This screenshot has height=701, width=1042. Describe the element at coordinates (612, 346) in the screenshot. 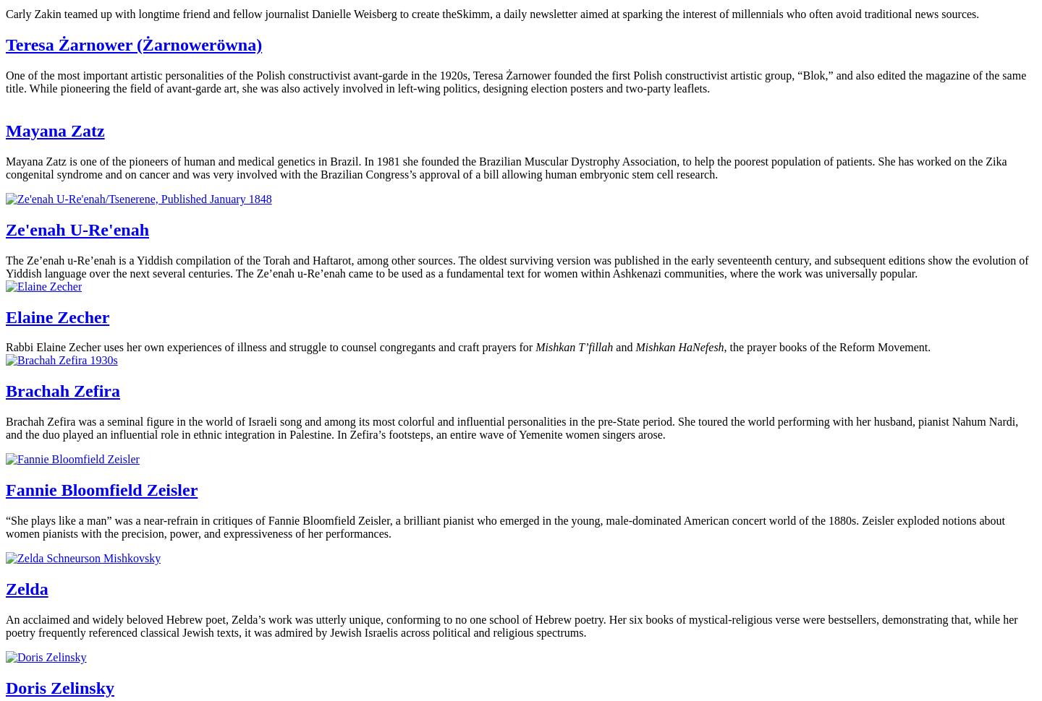

I see `'and'` at that location.